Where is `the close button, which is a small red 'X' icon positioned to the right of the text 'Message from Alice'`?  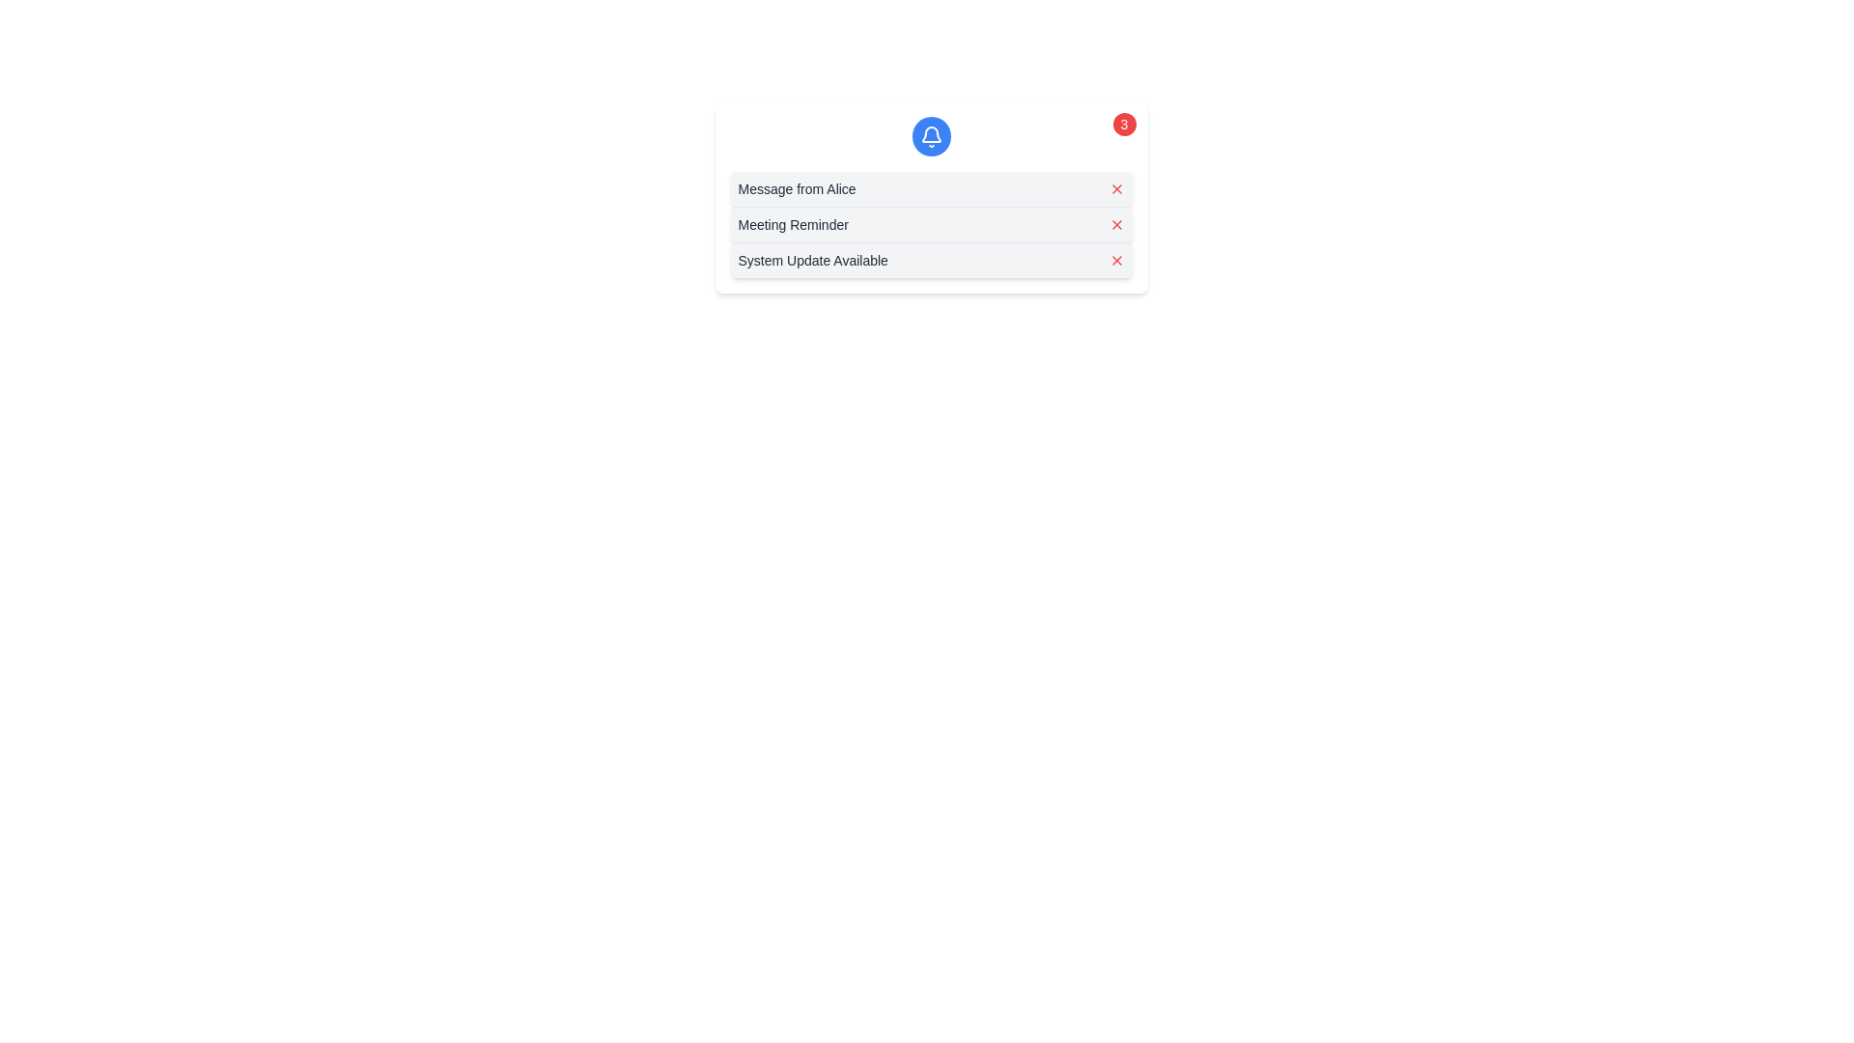
the close button, which is a small red 'X' icon positioned to the right of the text 'Message from Alice' is located at coordinates (1116, 188).